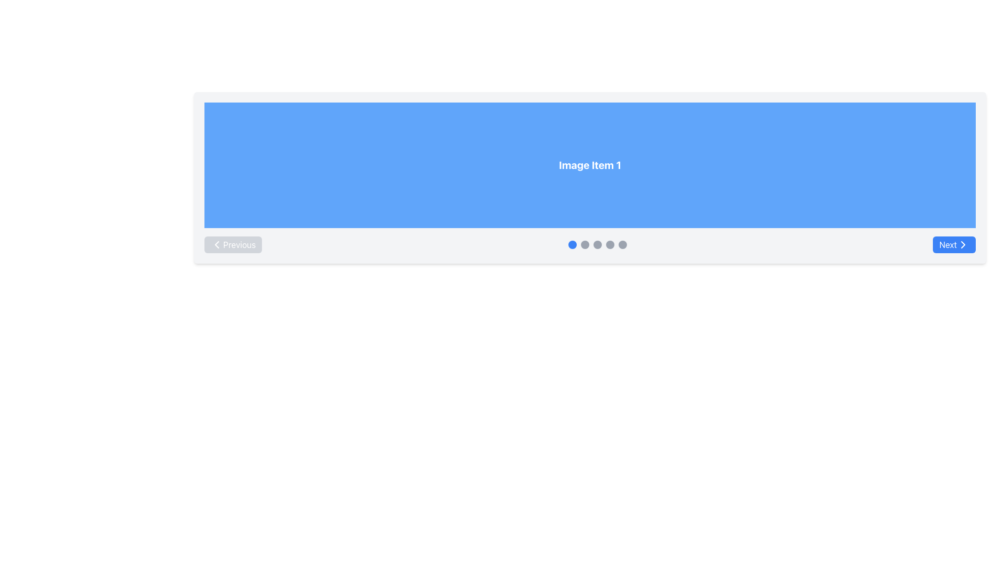 This screenshot has height=565, width=1004. What do you see at coordinates (963, 244) in the screenshot?
I see `the chevron icon located at the right edge of the 'Next' button in the bottom-right corner of the carousel interface` at bounding box center [963, 244].